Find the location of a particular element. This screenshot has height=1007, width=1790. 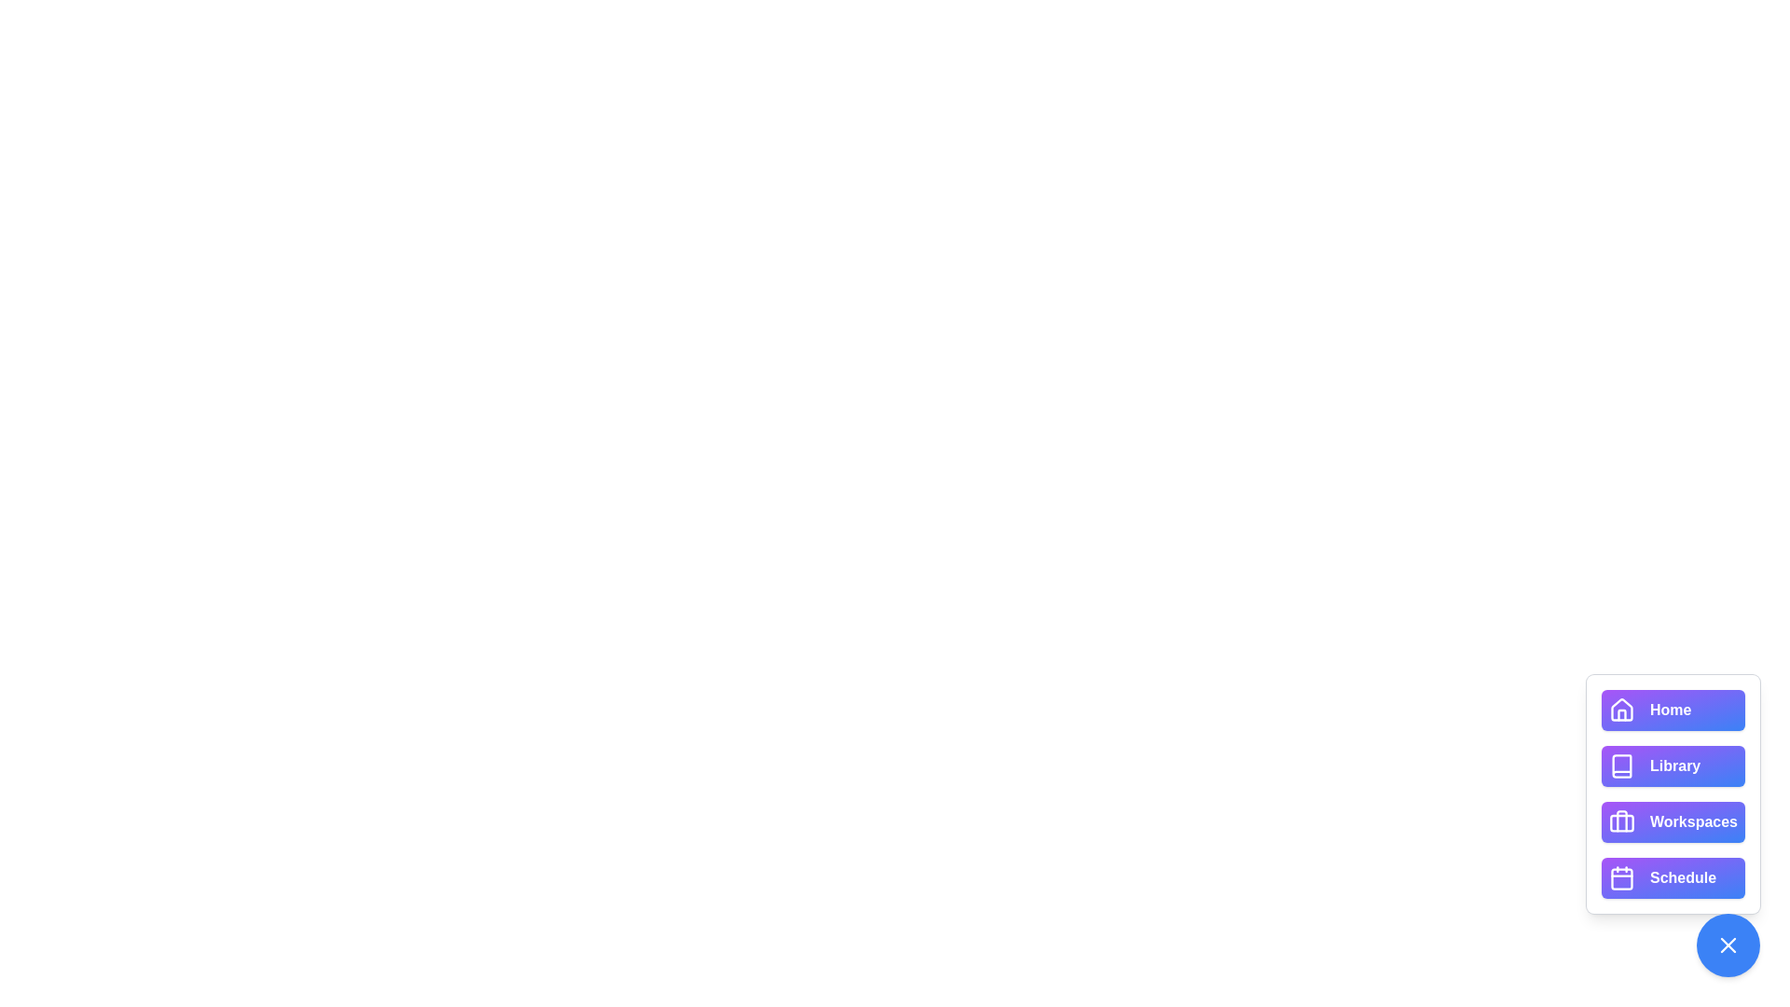

toggle button at the bottom-right corner to open or close the speed dial menu is located at coordinates (1727, 945).